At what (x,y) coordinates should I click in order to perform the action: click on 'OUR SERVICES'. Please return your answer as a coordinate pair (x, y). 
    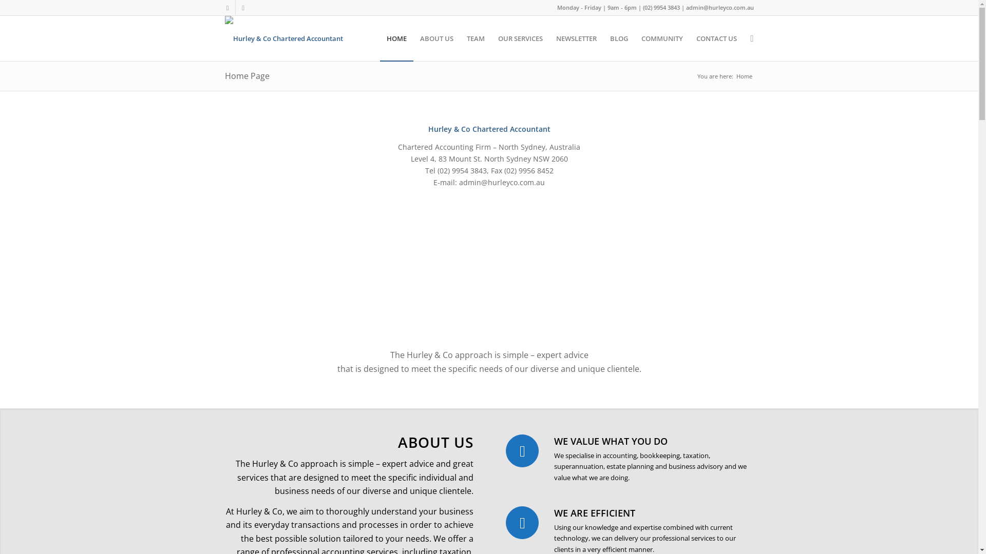
    Looking at the image, I should click on (520, 37).